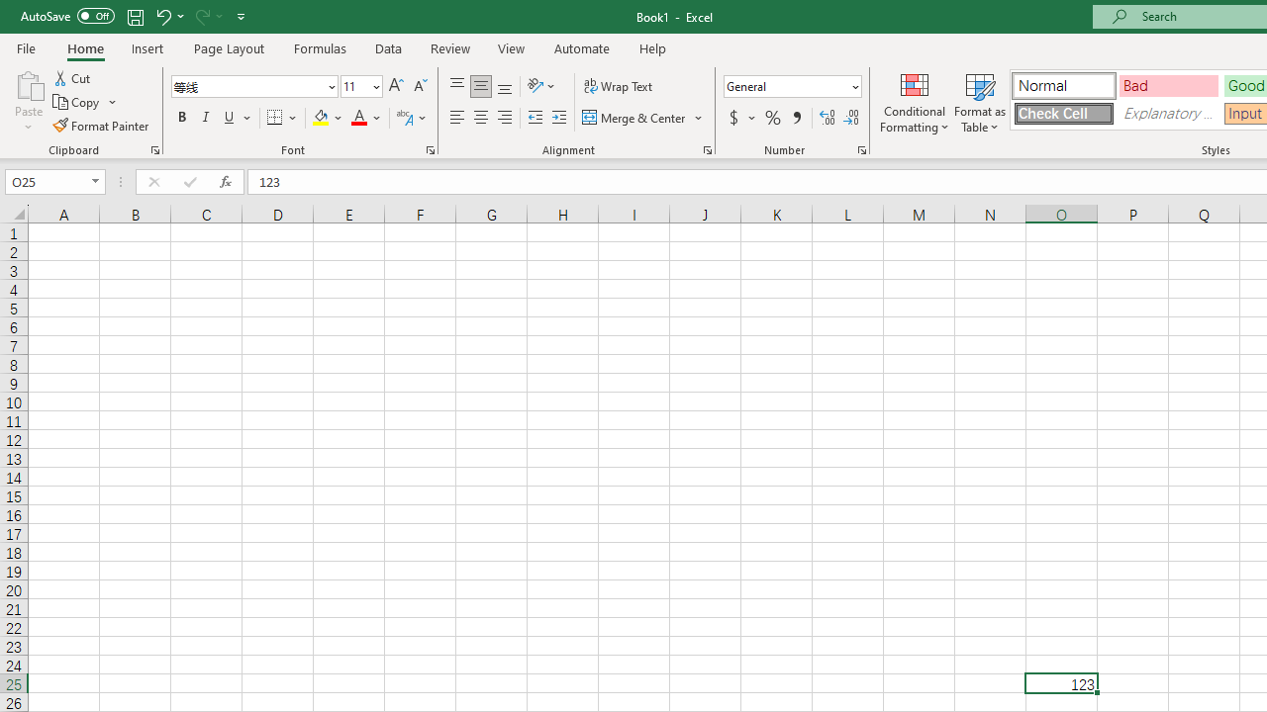  Describe the element at coordinates (456, 85) in the screenshot. I see `'Top Align'` at that location.